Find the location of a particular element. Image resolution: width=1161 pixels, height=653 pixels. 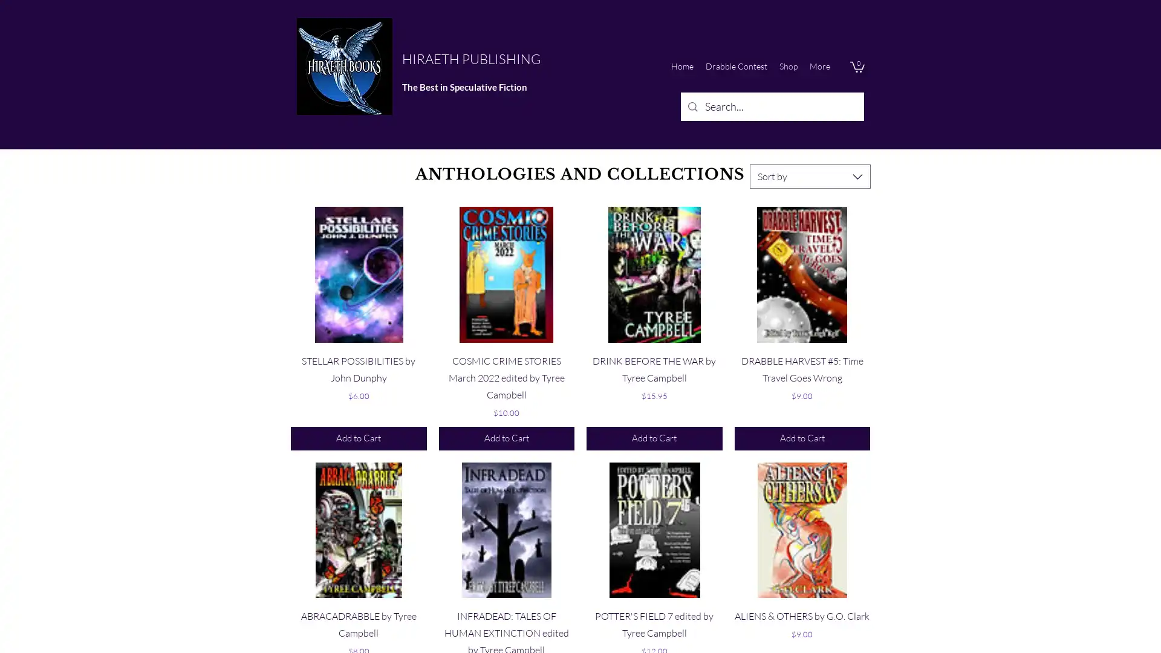

Add to Cart is located at coordinates (358, 438).